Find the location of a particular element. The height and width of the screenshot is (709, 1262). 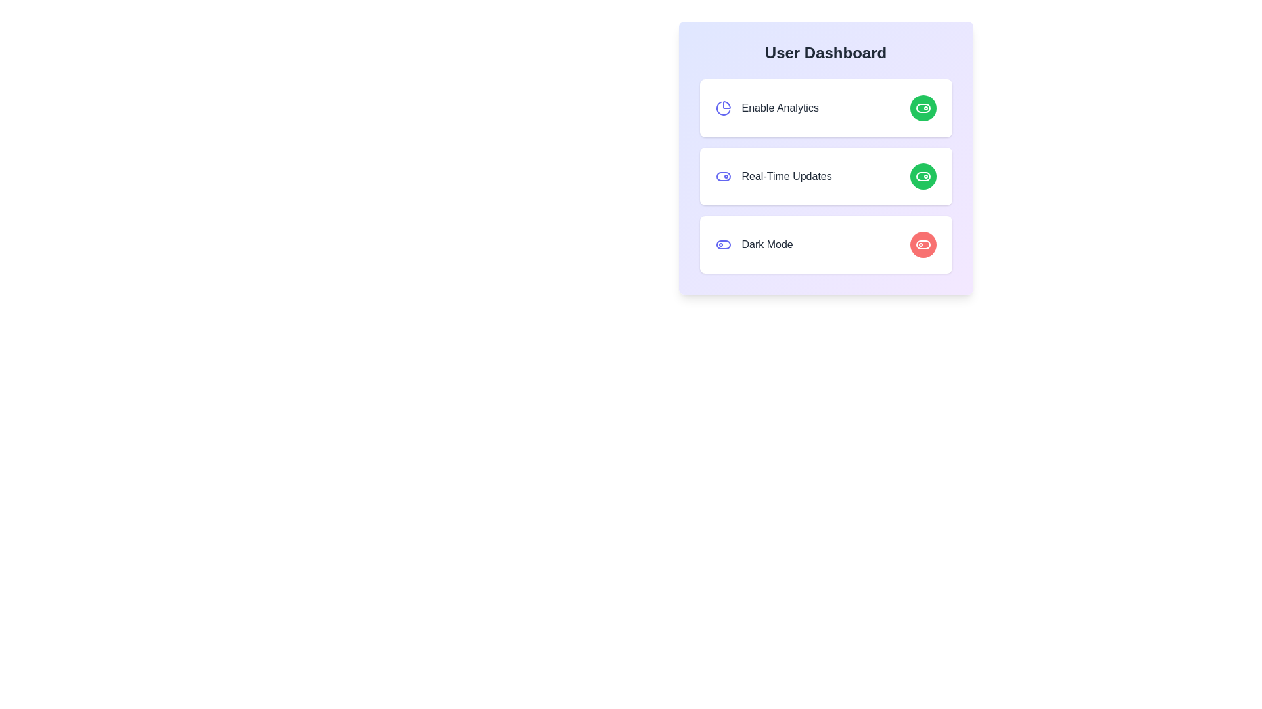

the 'Real-Time Updates' text label in the User Dashboard, which is the second item in a vertical list of features is located at coordinates (787, 176).